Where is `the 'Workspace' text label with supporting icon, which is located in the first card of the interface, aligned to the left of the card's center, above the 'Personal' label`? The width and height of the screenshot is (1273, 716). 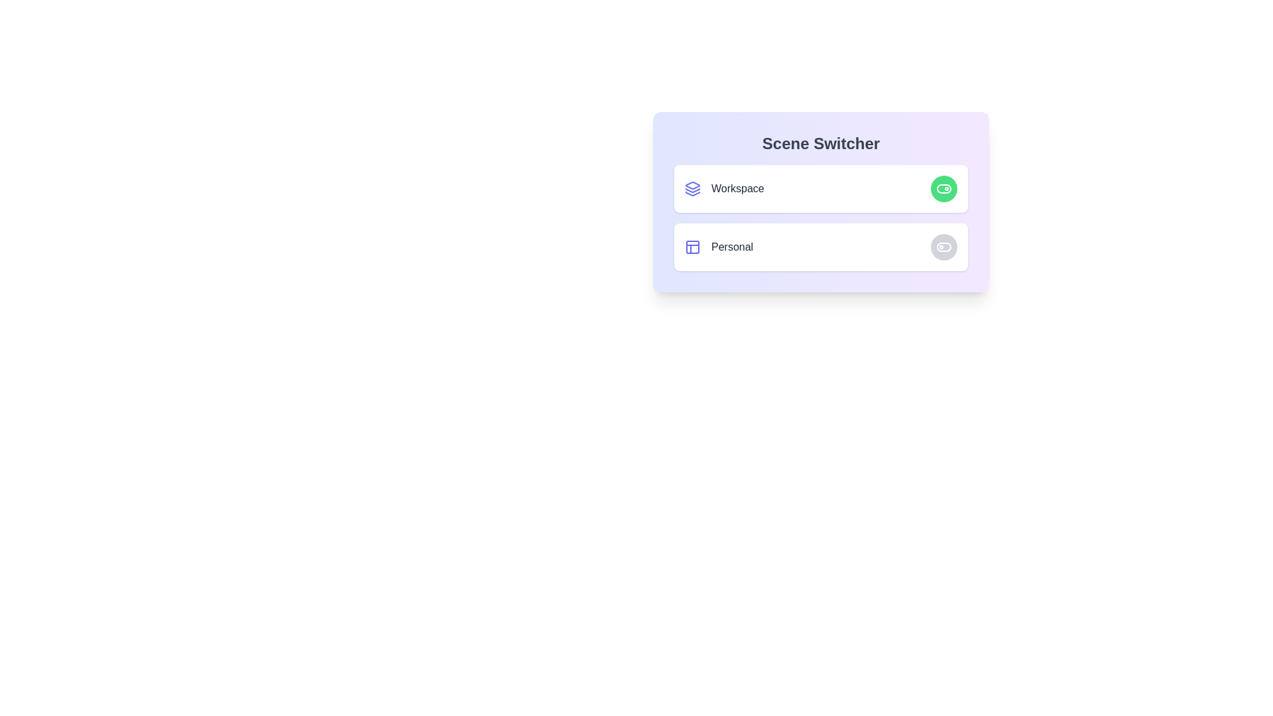 the 'Workspace' text label with supporting icon, which is located in the first card of the interface, aligned to the left of the card's center, above the 'Personal' label is located at coordinates (723, 189).